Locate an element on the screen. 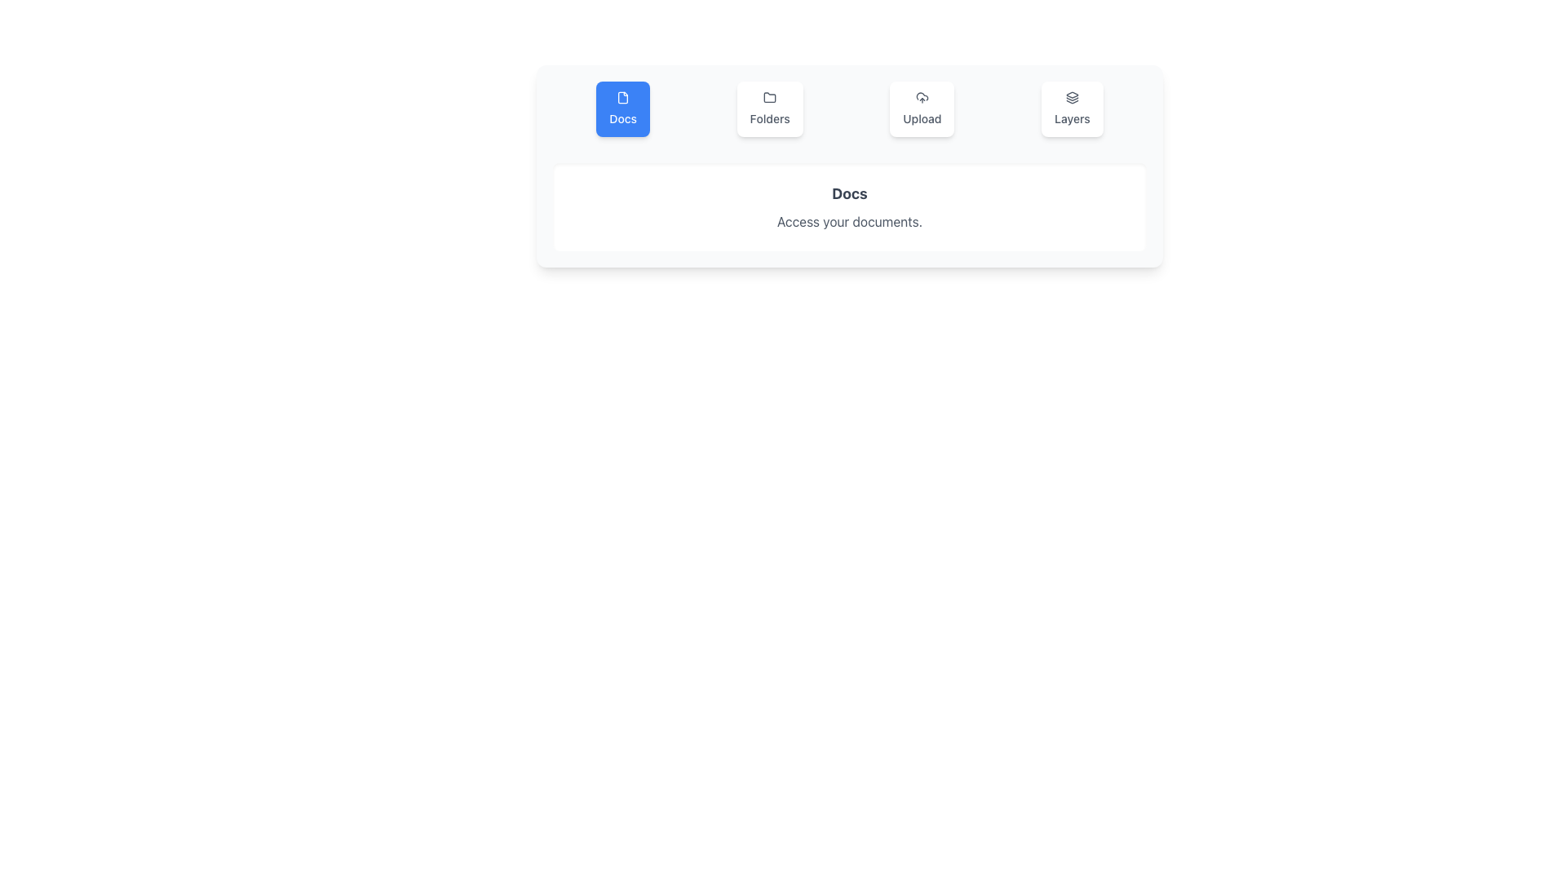 This screenshot has width=1566, height=881. the informational text located within the white panel below the title 'Docs', which provides instructions related to the 'Docs' section is located at coordinates (848, 222).